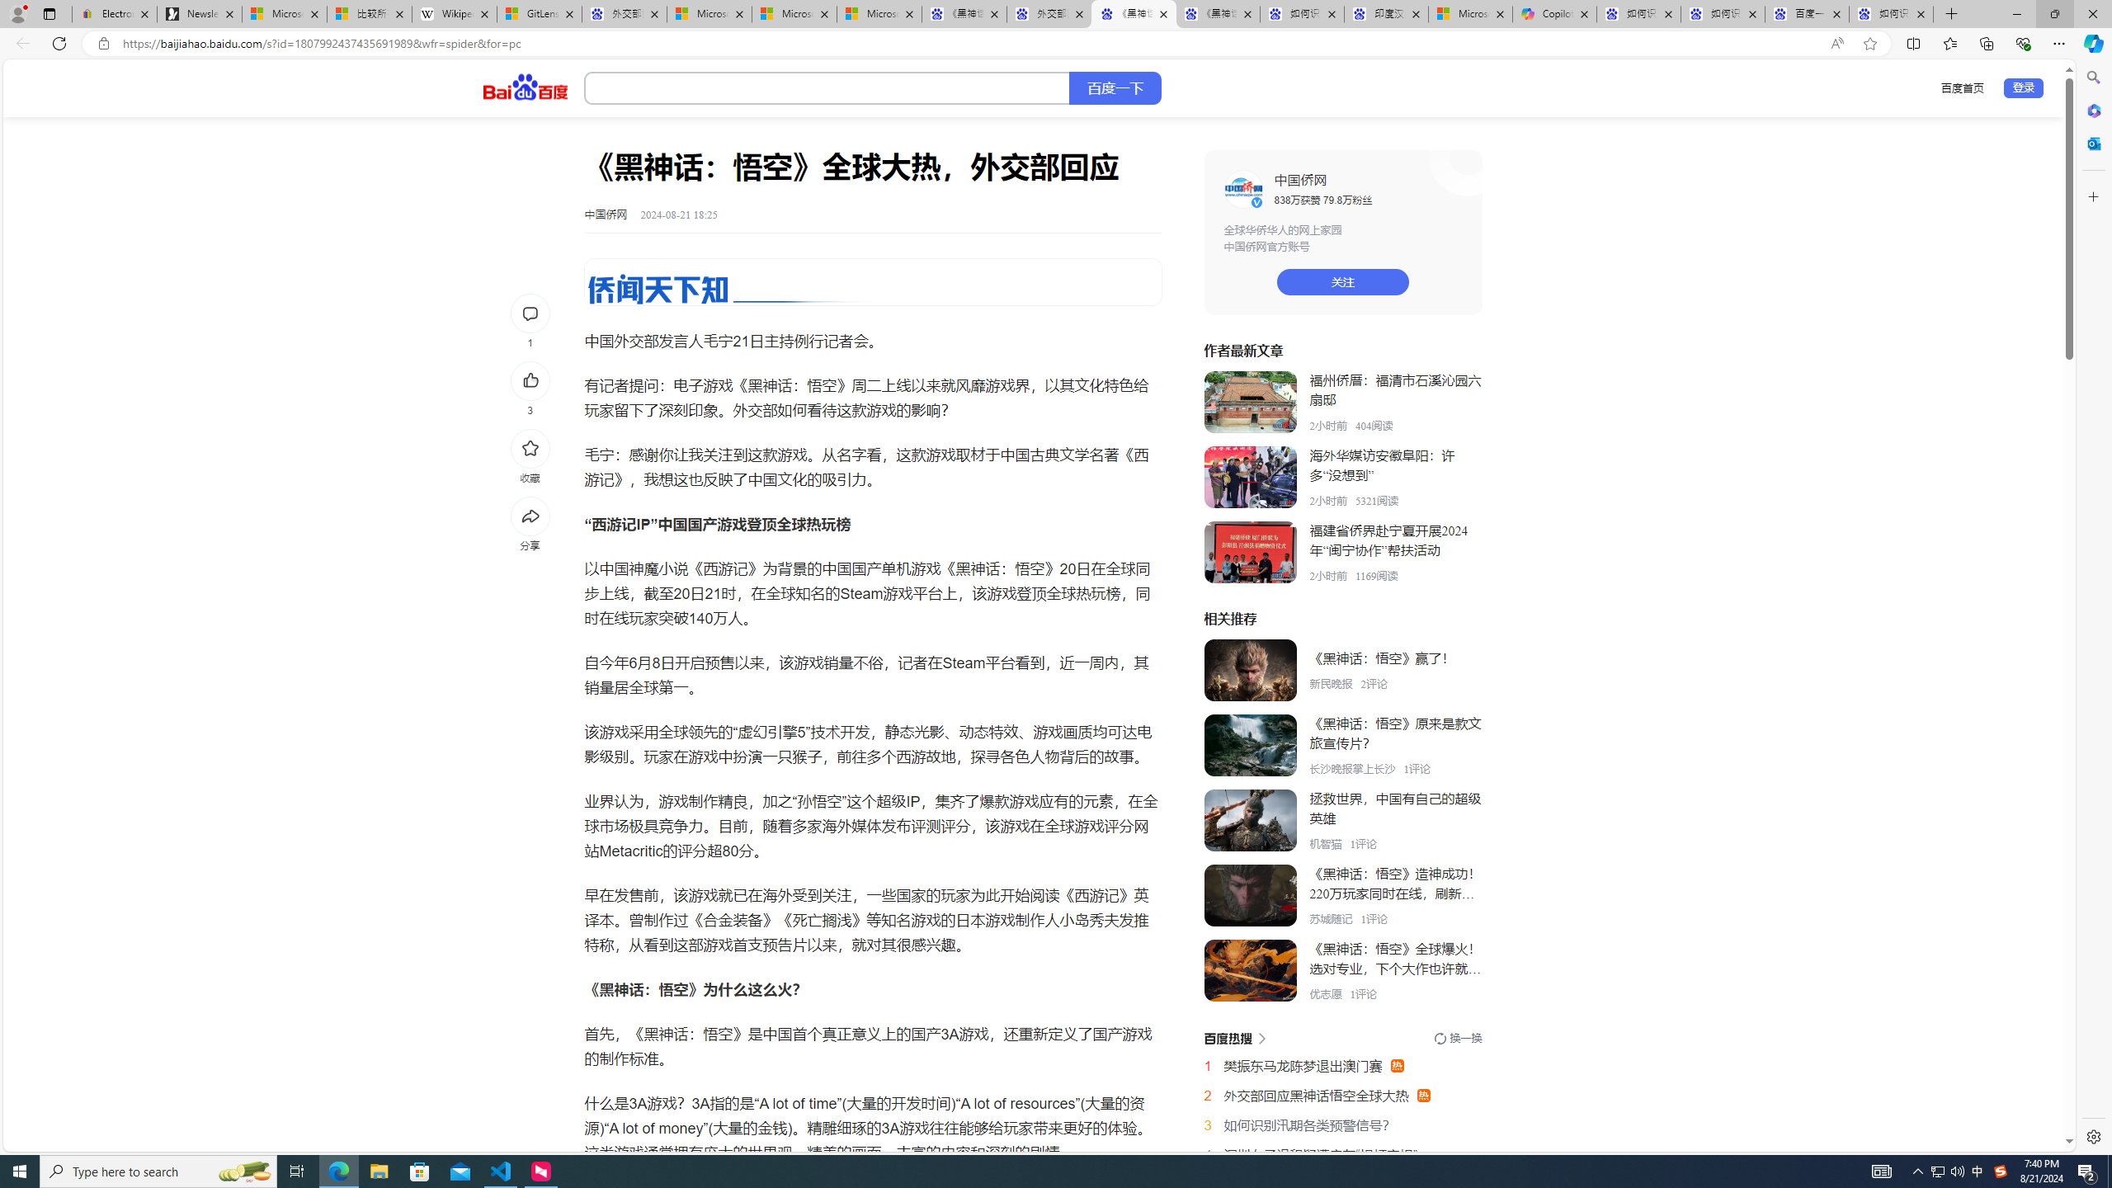 This screenshot has width=2112, height=1188. Describe the element at coordinates (827, 88) in the screenshot. I see `'Class: _2C4fV'` at that location.